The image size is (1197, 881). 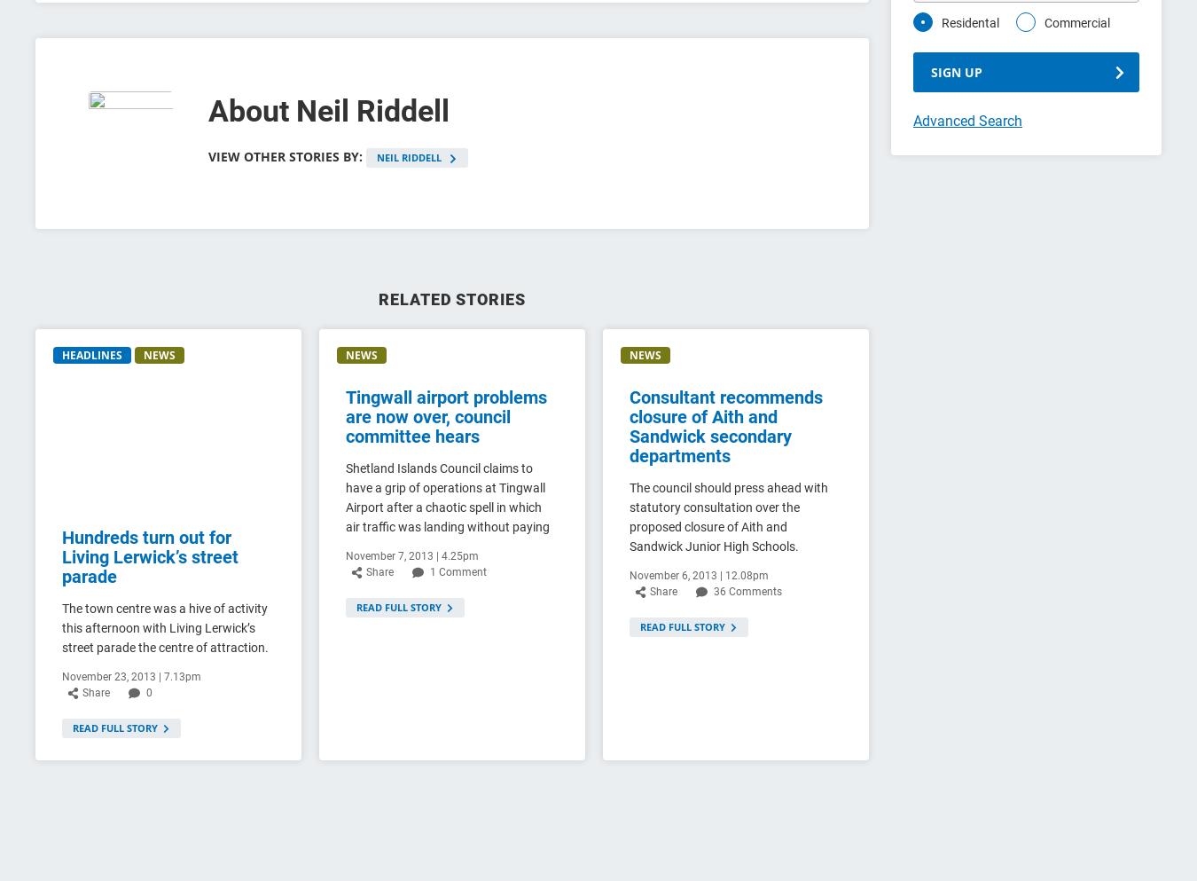 I want to click on '36 Comments', so click(x=746, y=591).